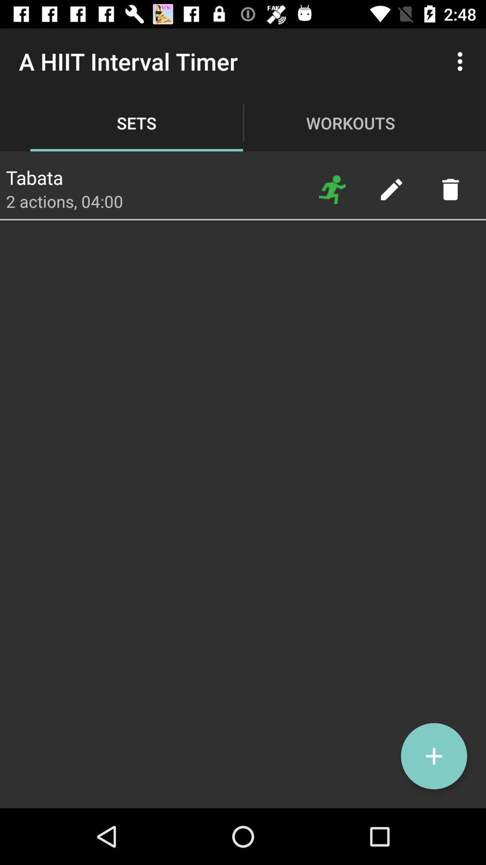 This screenshot has width=486, height=865. Describe the element at coordinates (332, 189) in the screenshot. I see `icon to the right of sets icon` at that location.